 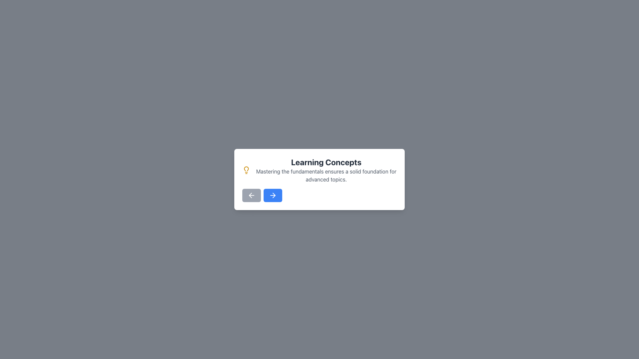 What do you see at coordinates (319, 170) in the screenshot?
I see `the informational header element that displays a heading and a description related to learning concepts for reading` at bounding box center [319, 170].